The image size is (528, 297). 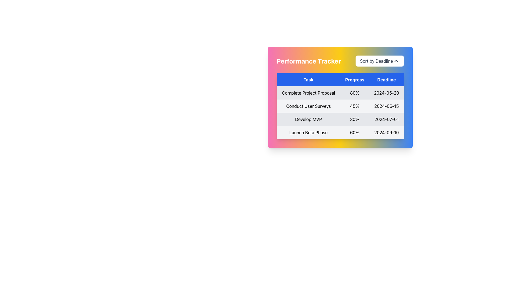 I want to click on the table row representing the task titled 'Develop MVP', so click(x=340, y=112).